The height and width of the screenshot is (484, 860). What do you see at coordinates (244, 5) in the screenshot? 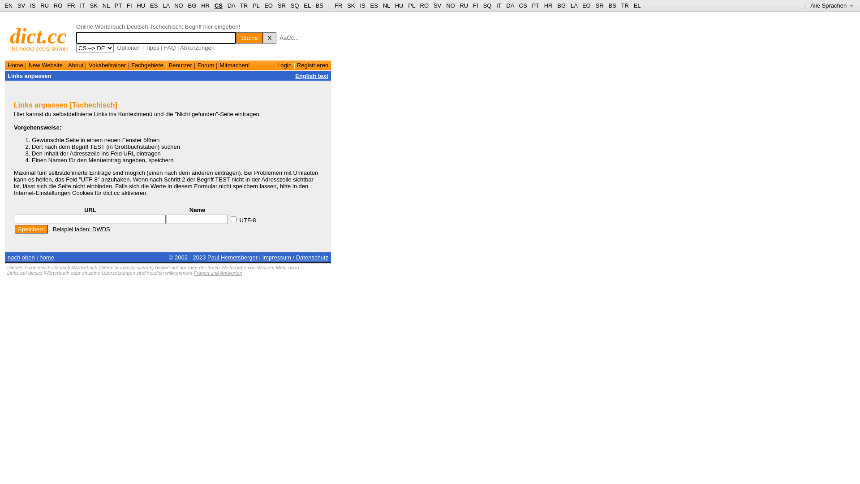
I see `'TR'` at bounding box center [244, 5].